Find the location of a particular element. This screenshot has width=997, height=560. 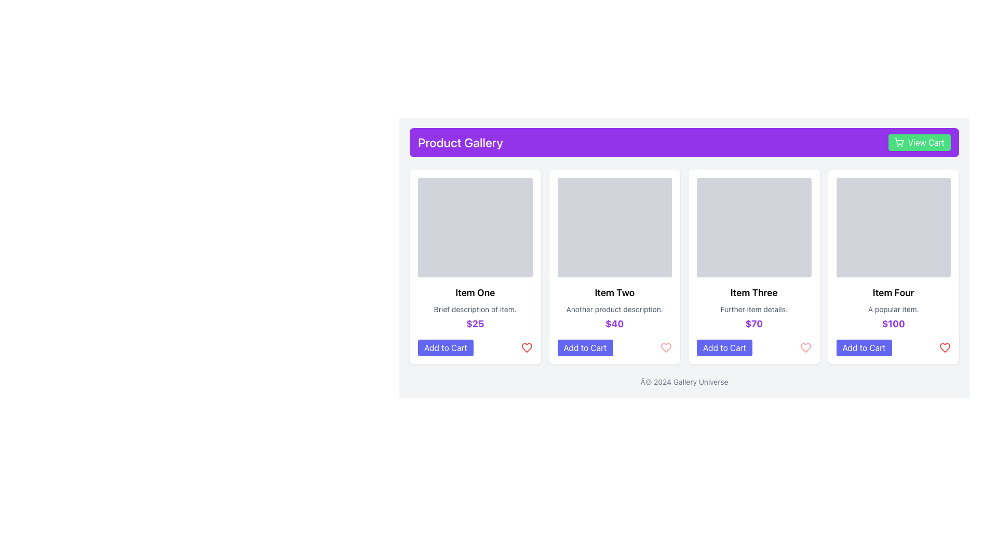

the price label displaying '$100' in bold purple font within the fourth product card titled 'Item Four' is located at coordinates (893, 323).